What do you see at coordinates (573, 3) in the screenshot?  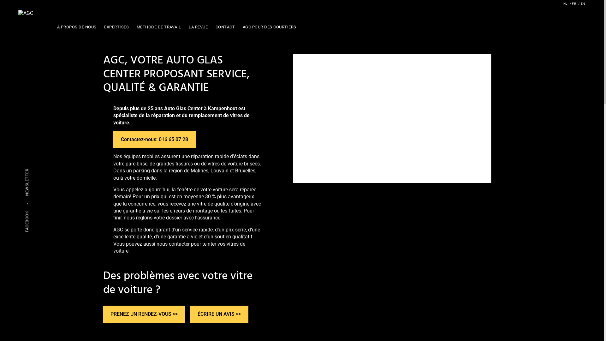 I see `'FR'` at bounding box center [573, 3].